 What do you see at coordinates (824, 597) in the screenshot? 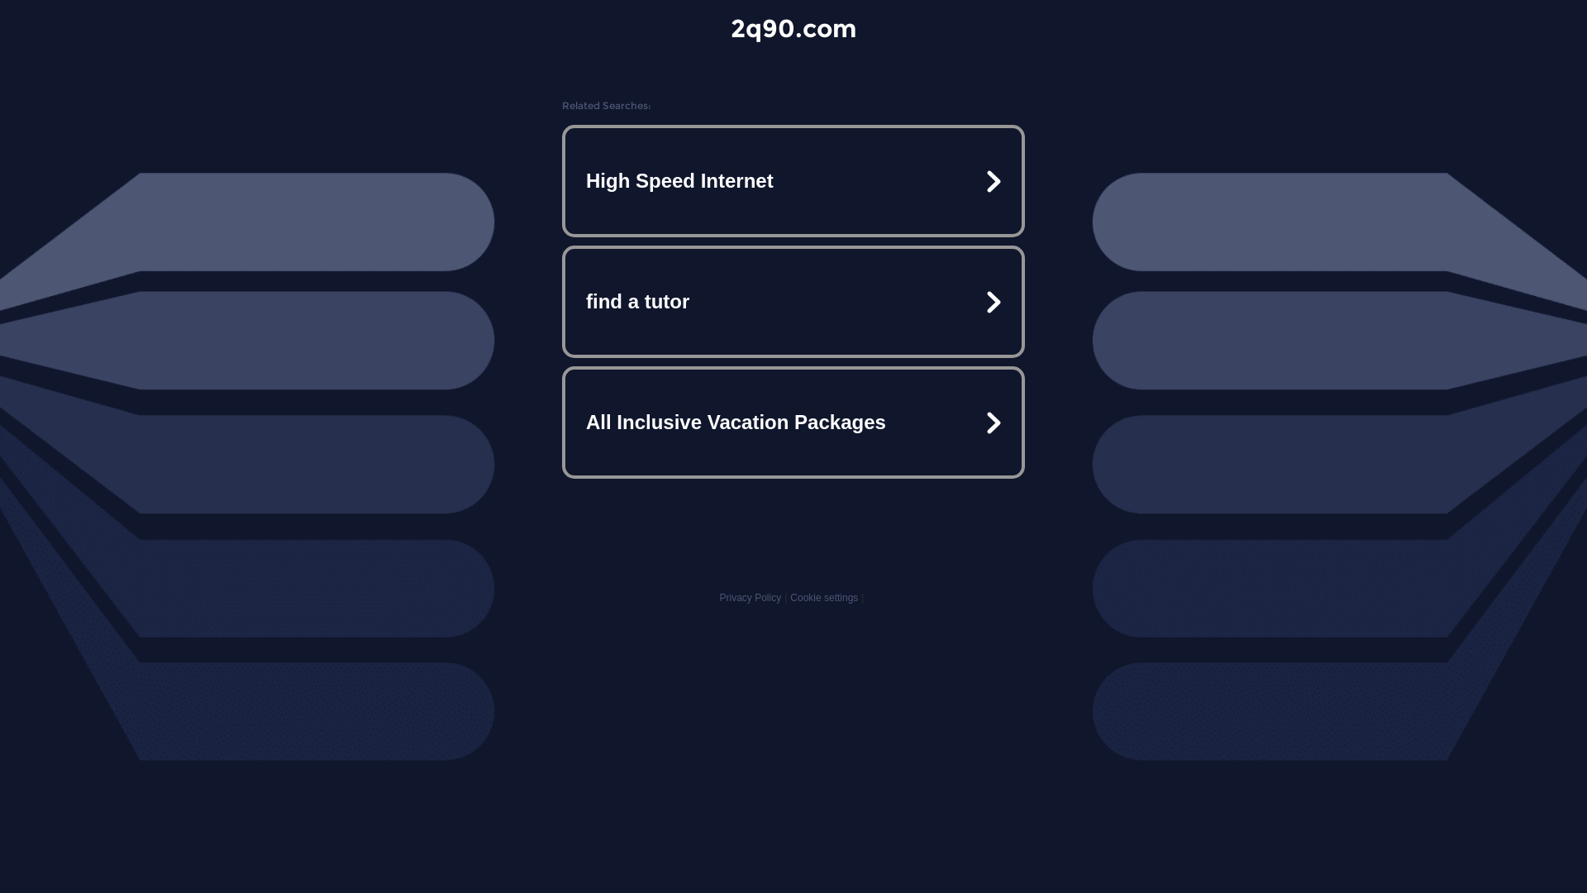
I see `'Cookie settings'` at bounding box center [824, 597].